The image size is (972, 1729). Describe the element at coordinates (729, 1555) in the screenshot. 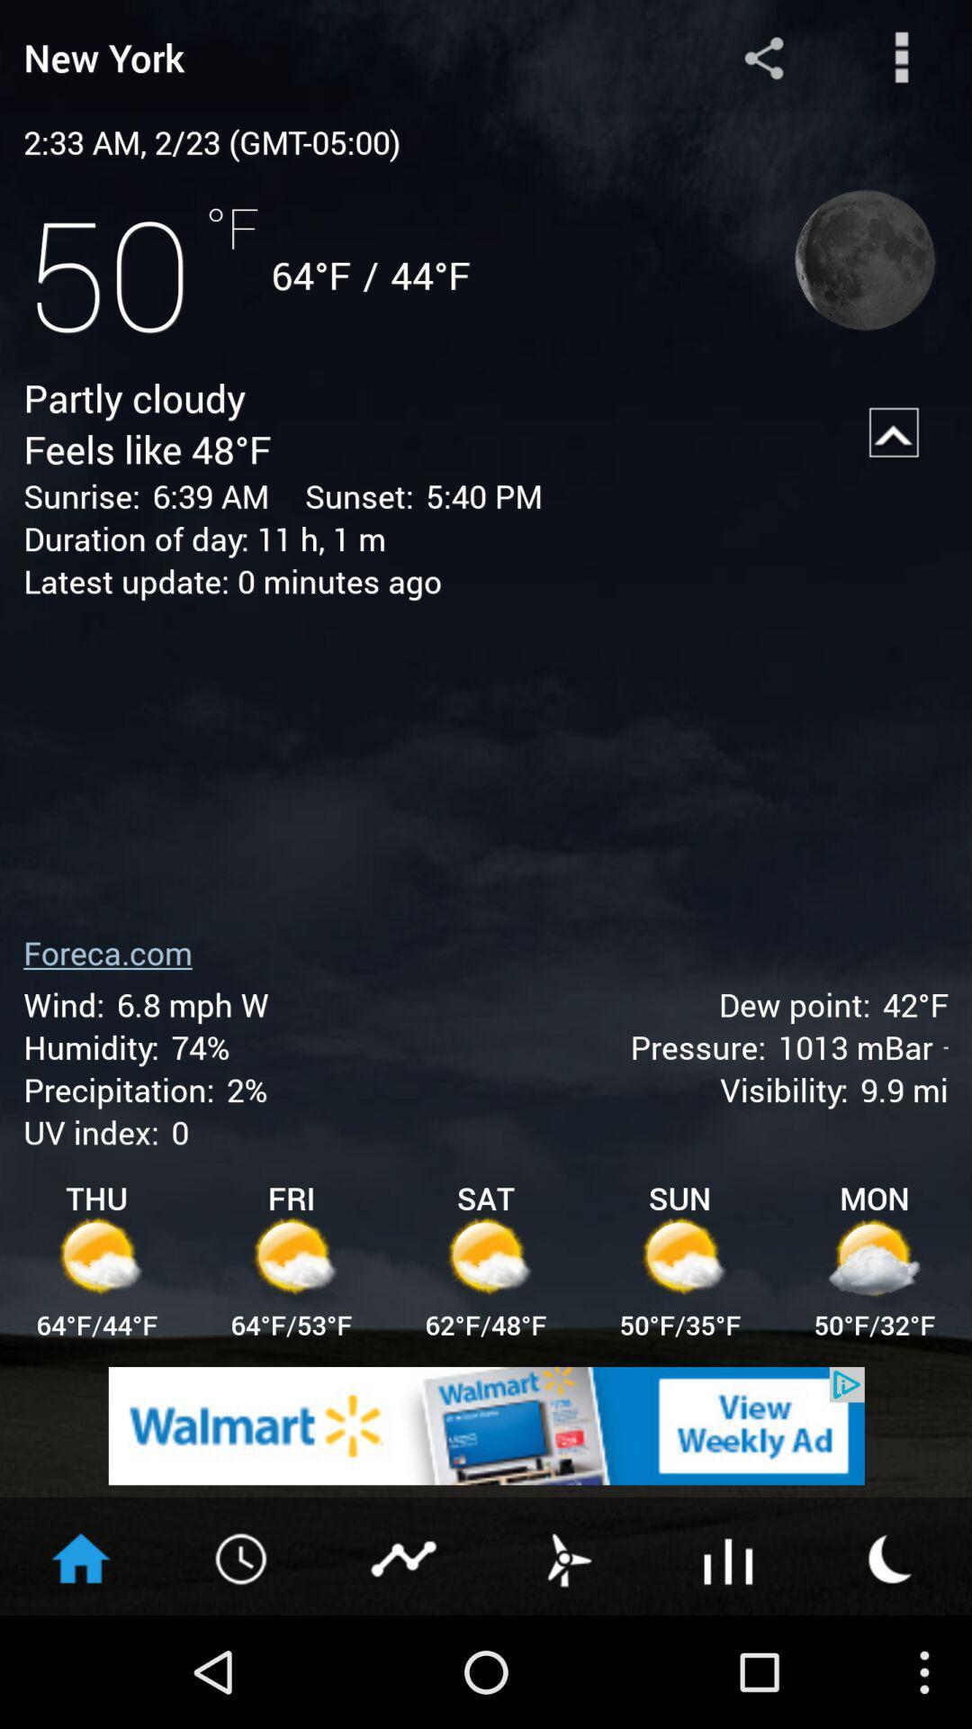

I see `the second icon from right in the bottom row beside half moon symbol` at that location.